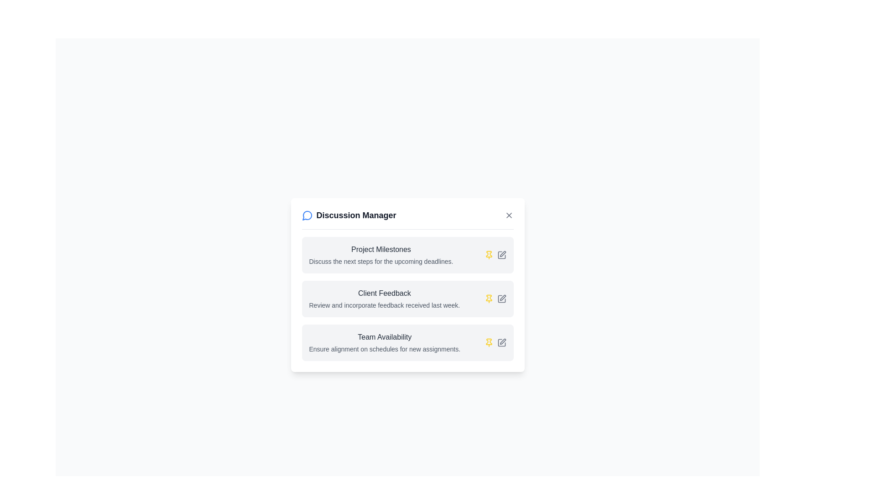 The width and height of the screenshot is (876, 493). What do you see at coordinates (501, 255) in the screenshot?
I see `the pen-shaped icon button located at the top right corner of the 'Project Milestones' item in the 'Discussion Manager' to change its color from gray to blue` at bounding box center [501, 255].